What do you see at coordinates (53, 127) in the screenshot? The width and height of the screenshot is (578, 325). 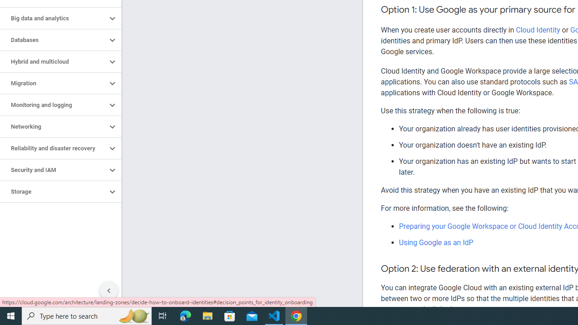 I see `'Networking'` at bounding box center [53, 127].